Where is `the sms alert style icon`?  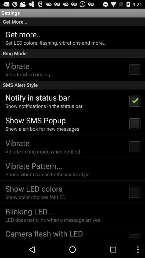 the sms alert style icon is located at coordinates (73, 85).